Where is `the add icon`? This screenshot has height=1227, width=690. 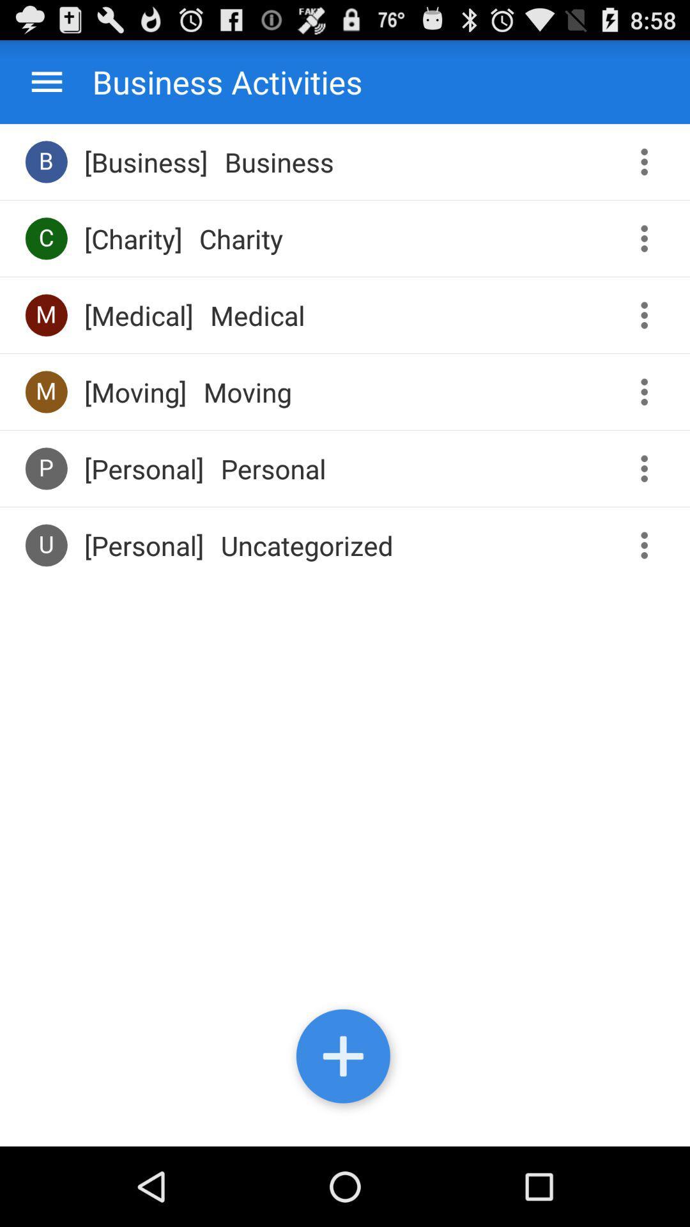 the add icon is located at coordinates (345, 1133).